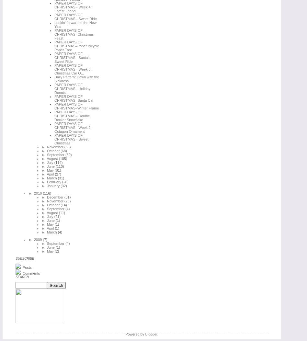  What do you see at coordinates (68, 154) in the screenshot?
I see `'(89)'` at bounding box center [68, 154].